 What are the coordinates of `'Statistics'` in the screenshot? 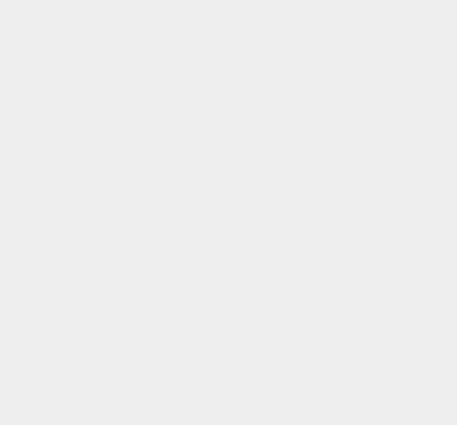 It's located at (334, 231).